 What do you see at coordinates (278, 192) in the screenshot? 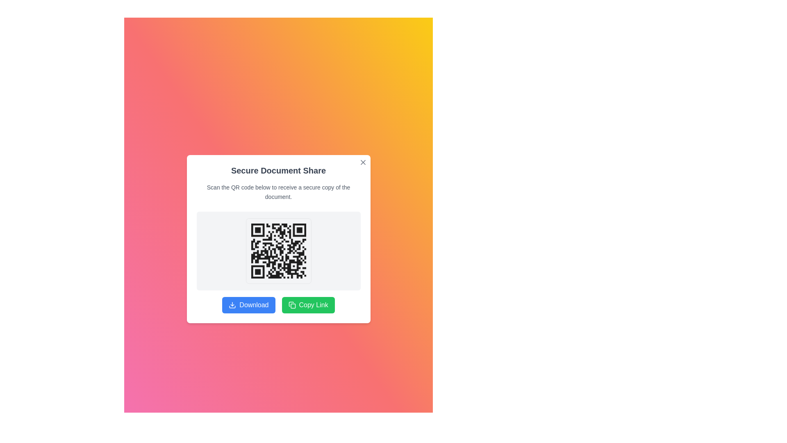
I see `text block containing the message 'Scan the QR code below to receive a secure copy of the document.' which is styled with a small text size, gray color, and centered alignment, located within a modal popup below the title 'Secure Document Share'` at bounding box center [278, 192].